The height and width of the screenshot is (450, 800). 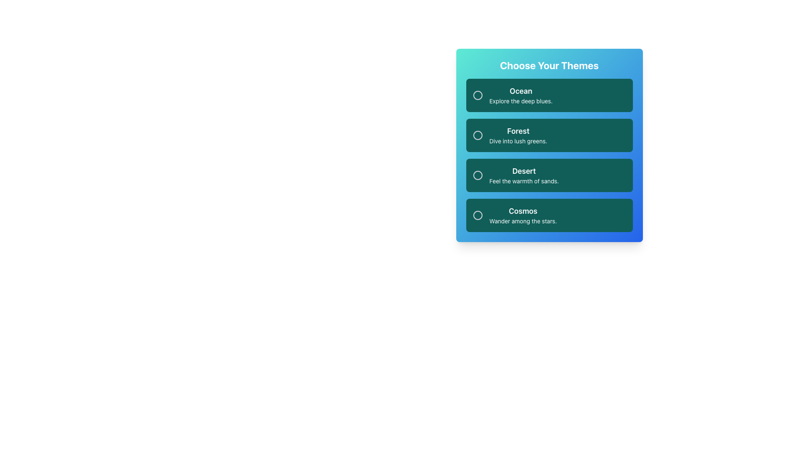 I want to click on text content of the Text Block with Multiple Lines that includes the title 'Cosmos' and the subtitle 'Wander among the stars.', so click(x=522, y=215).